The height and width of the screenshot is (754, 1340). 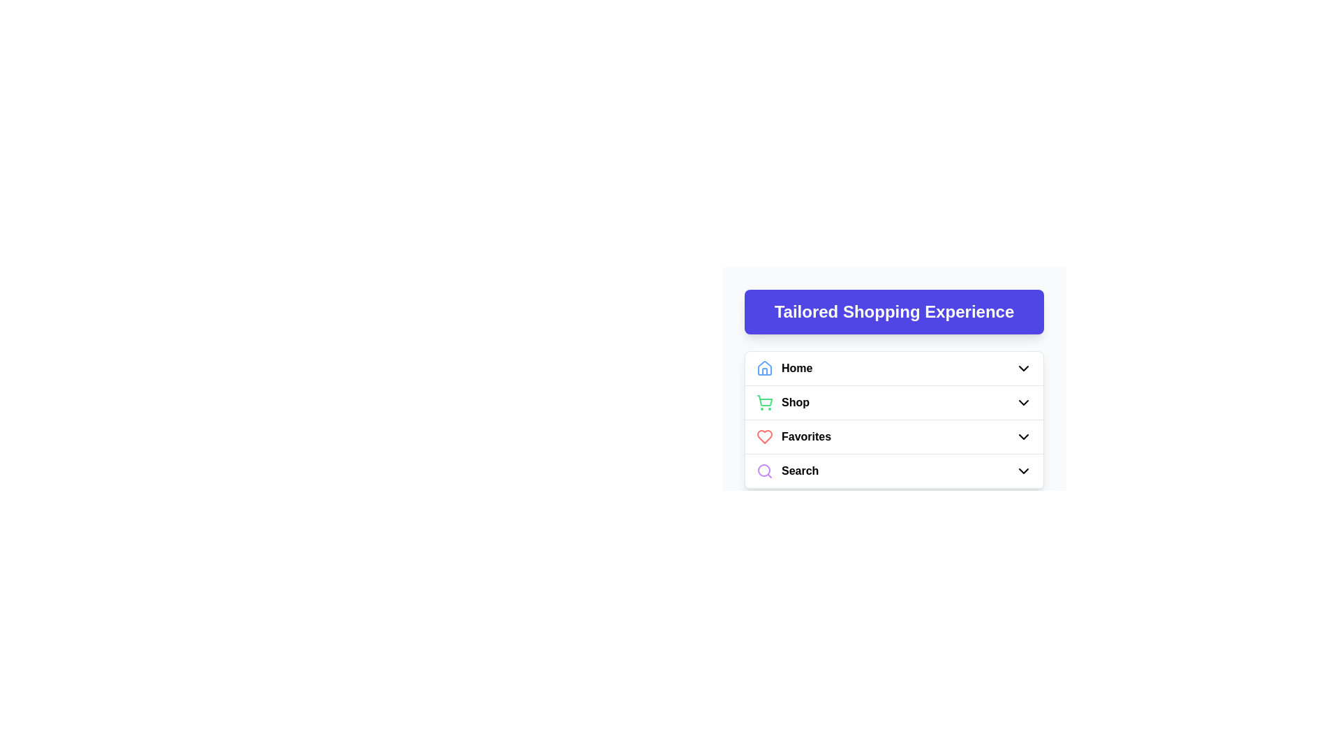 I want to click on the 'Search' menu item, which is styled with bold font and accompanied by a purple magnifying glass icon, located in the Tailored Shopping Experience section, so click(x=787, y=471).